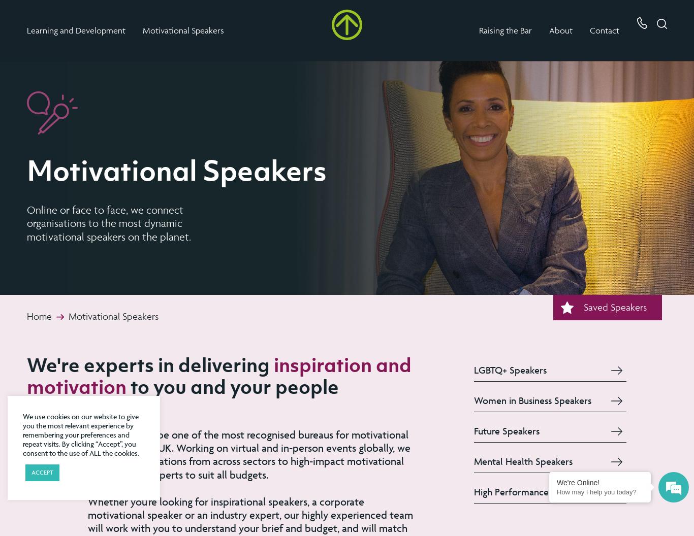 This screenshot has height=536, width=694. Describe the element at coordinates (205, 30) in the screenshot. I see `'Speakers'` at that location.